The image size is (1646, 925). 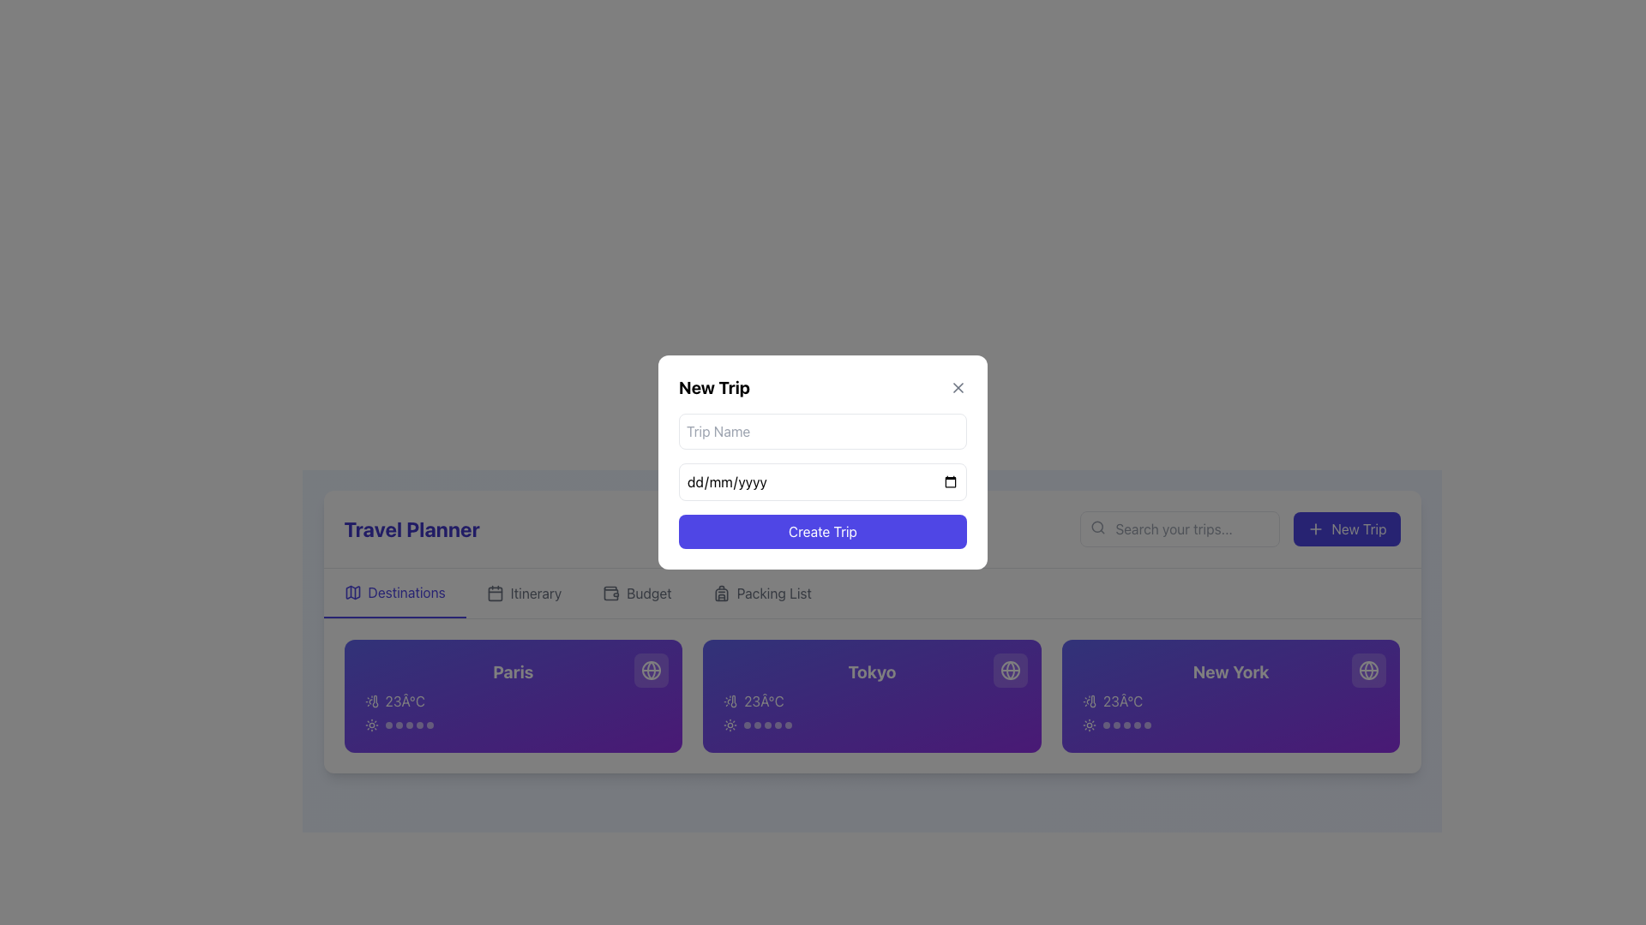 I want to click on the globe icon button located at the top-right corner of the purple card displaying 'New York' and '23°C', so click(x=1368, y=670).